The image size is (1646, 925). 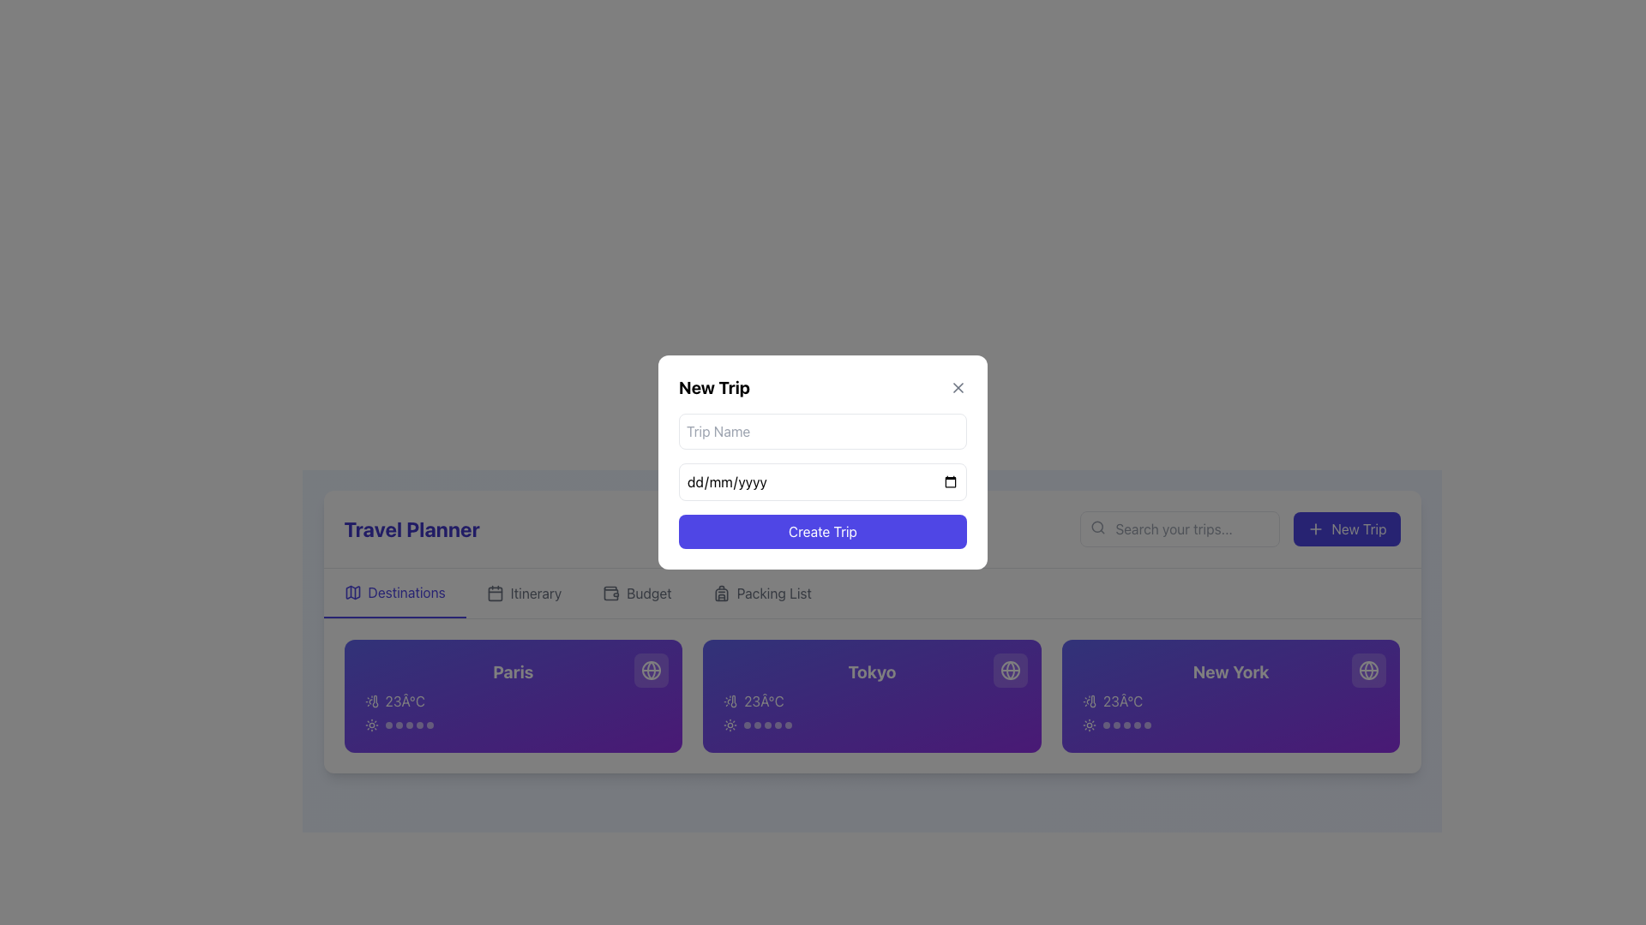 I want to click on the globe icon button located at the top-right corner of the purple card displaying 'New York' and '23°C', so click(x=1368, y=670).